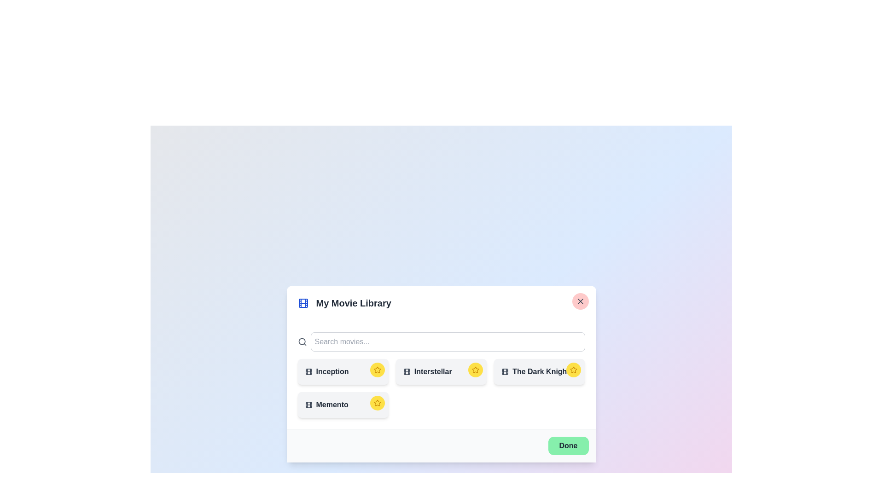 The height and width of the screenshot is (497, 884). Describe the element at coordinates (441, 303) in the screenshot. I see `the heading text indicating the movie library in the modal dialog for reading` at that location.